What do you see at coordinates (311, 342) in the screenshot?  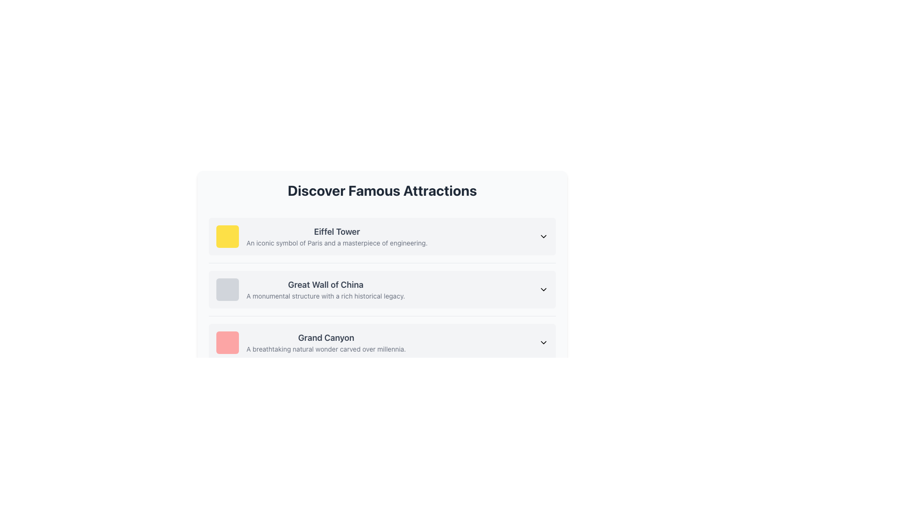 I see `the third list item titled 'Grand Canyon' with a pinkish-red icon in the 'Discover Famous Attractions' section` at bounding box center [311, 342].